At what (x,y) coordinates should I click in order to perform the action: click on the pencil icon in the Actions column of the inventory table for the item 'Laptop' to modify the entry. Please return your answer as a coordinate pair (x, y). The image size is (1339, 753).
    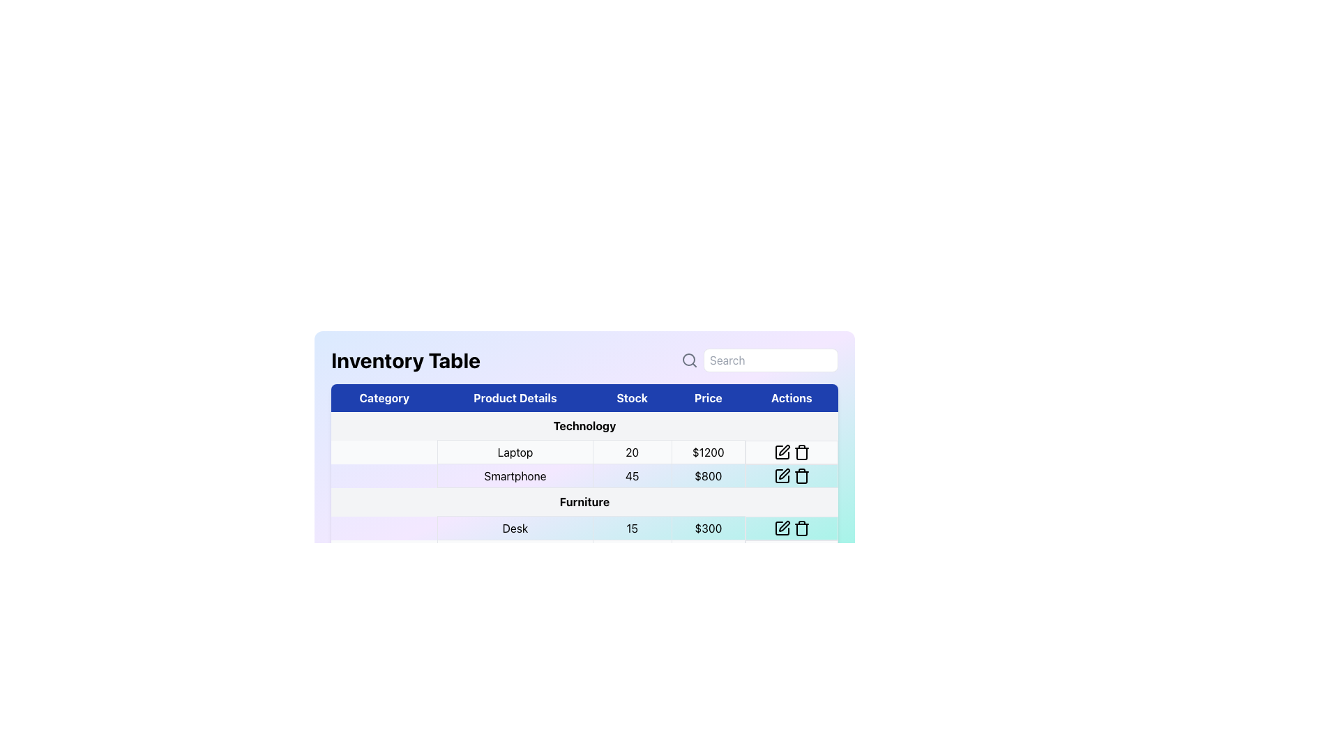
    Looking at the image, I should click on (792, 452).